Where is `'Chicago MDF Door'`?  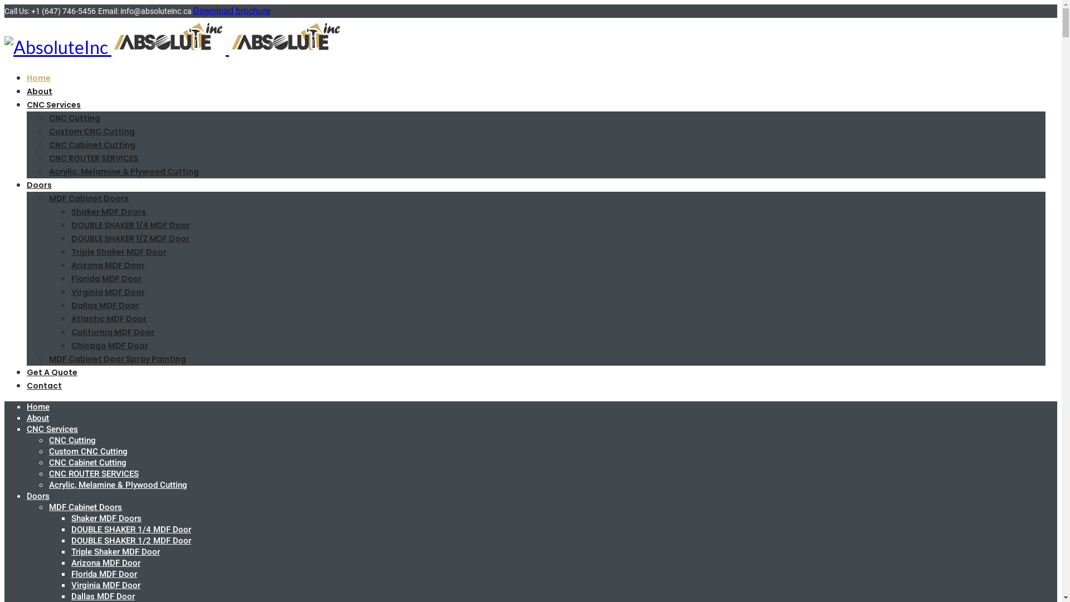
'Chicago MDF Door' is located at coordinates (71, 345).